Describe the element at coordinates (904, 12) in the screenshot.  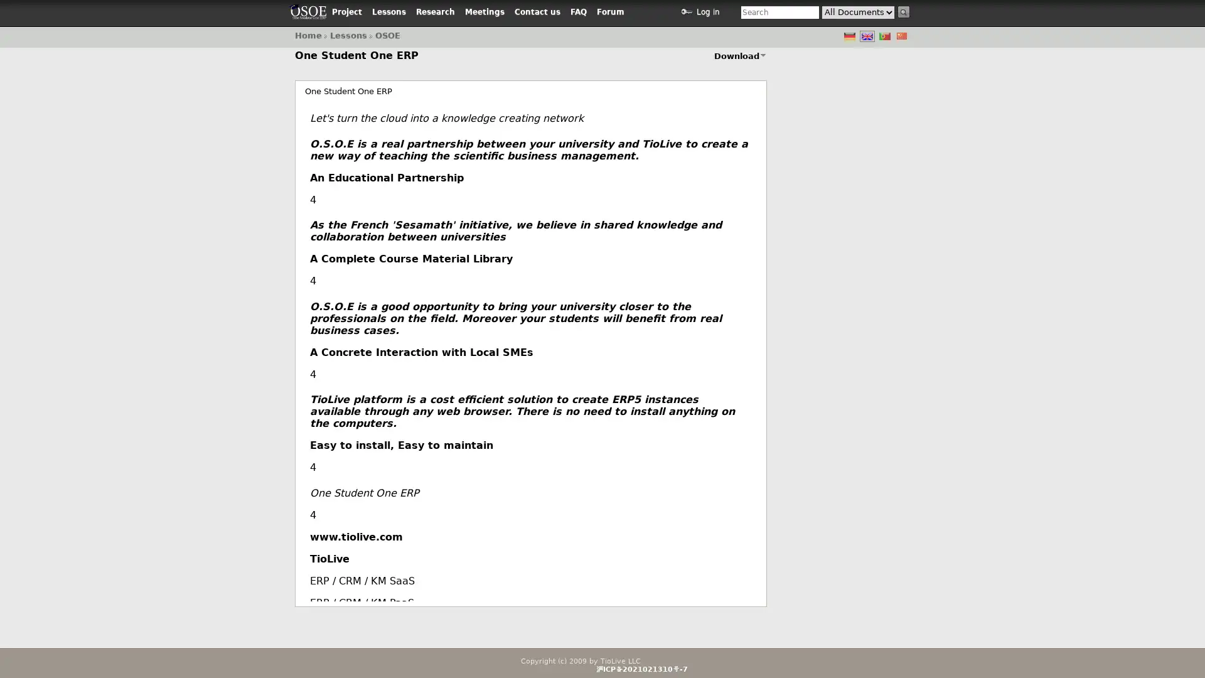
I see `Submit` at that location.